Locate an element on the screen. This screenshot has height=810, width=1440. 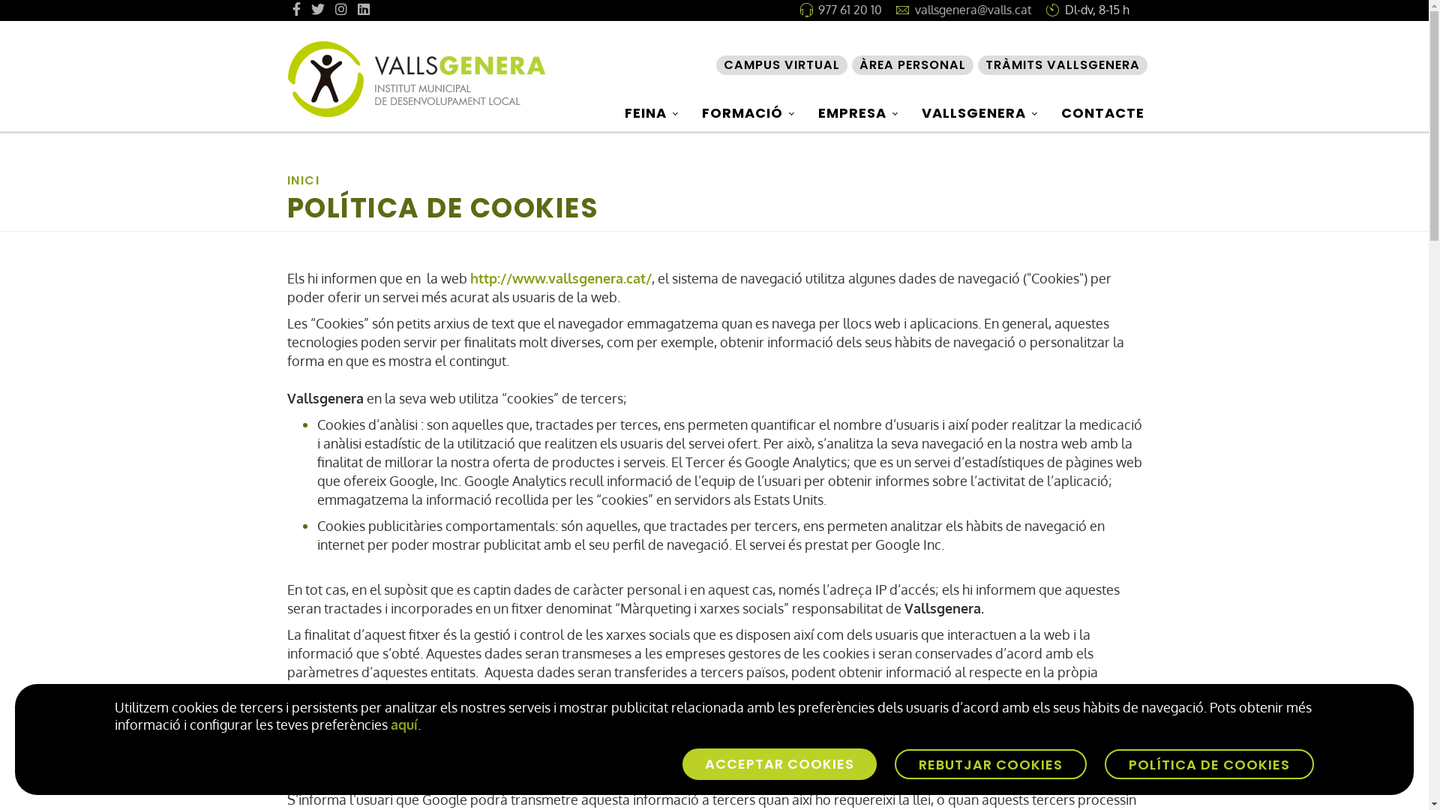
'EMPRESA' is located at coordinates (860, 112).